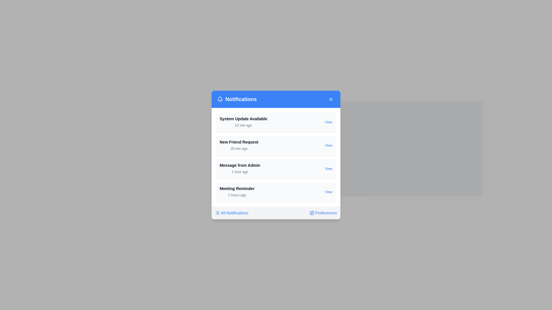 The image size is (552, 310). What do you see at coordinates (231, 213) in the screenshot?
I see `the navigational link with an accompanying icon located in the footer section, to the left and slightly above the 'Preferences' element` at bounding box center [231, 213].